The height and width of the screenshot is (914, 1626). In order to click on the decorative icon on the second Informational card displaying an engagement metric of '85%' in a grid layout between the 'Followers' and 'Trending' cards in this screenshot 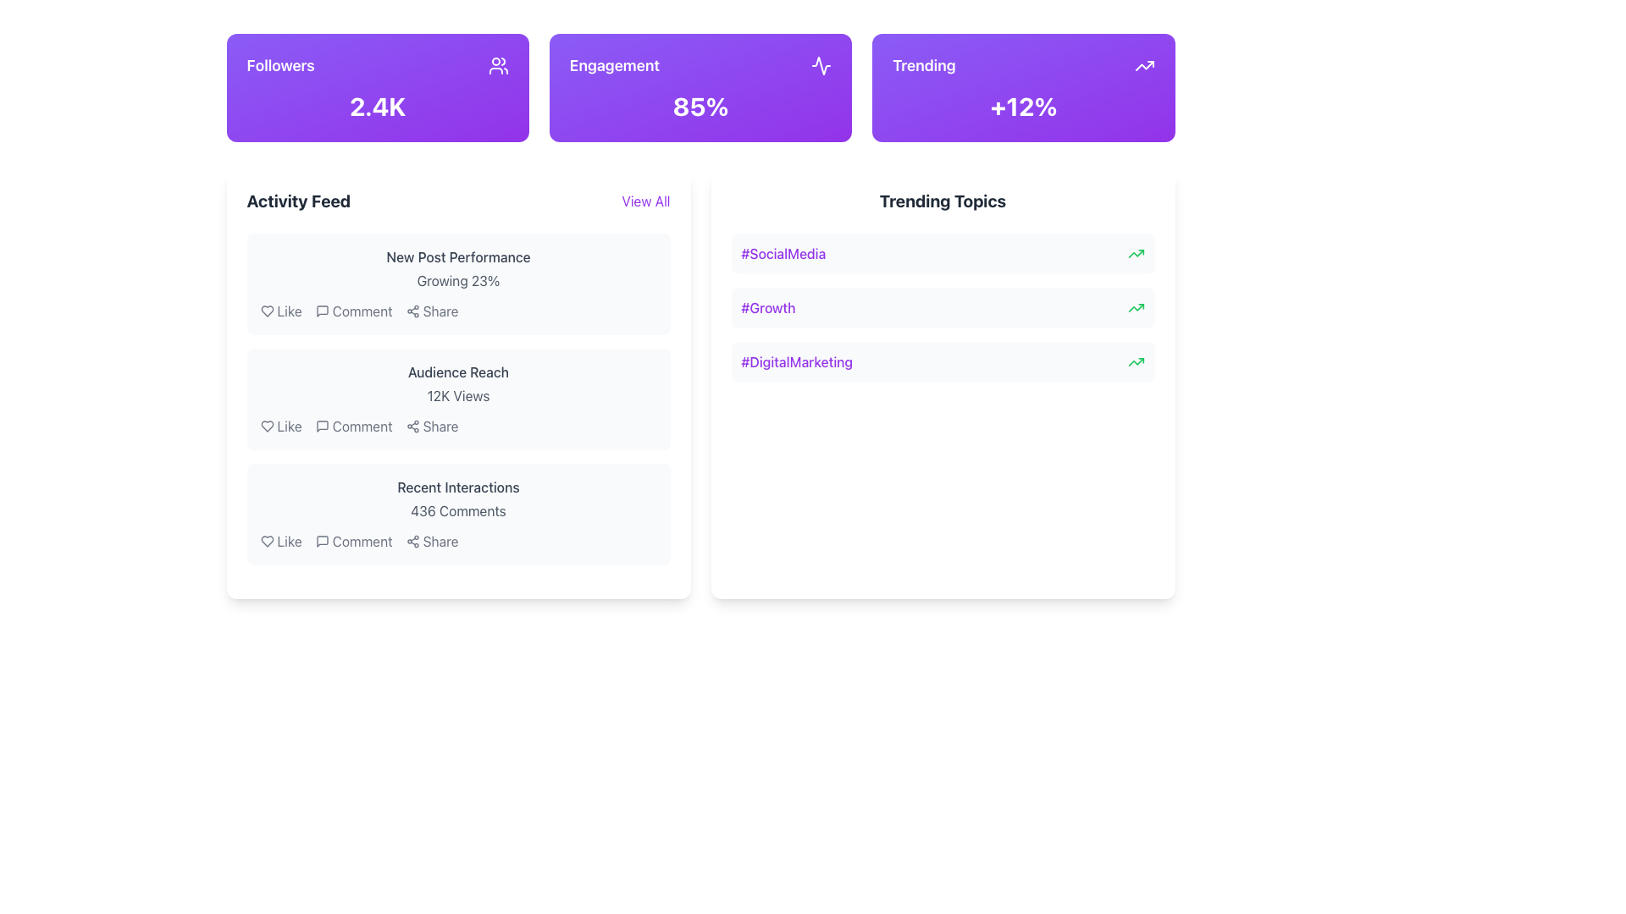, I will do `click(700, 88)`.